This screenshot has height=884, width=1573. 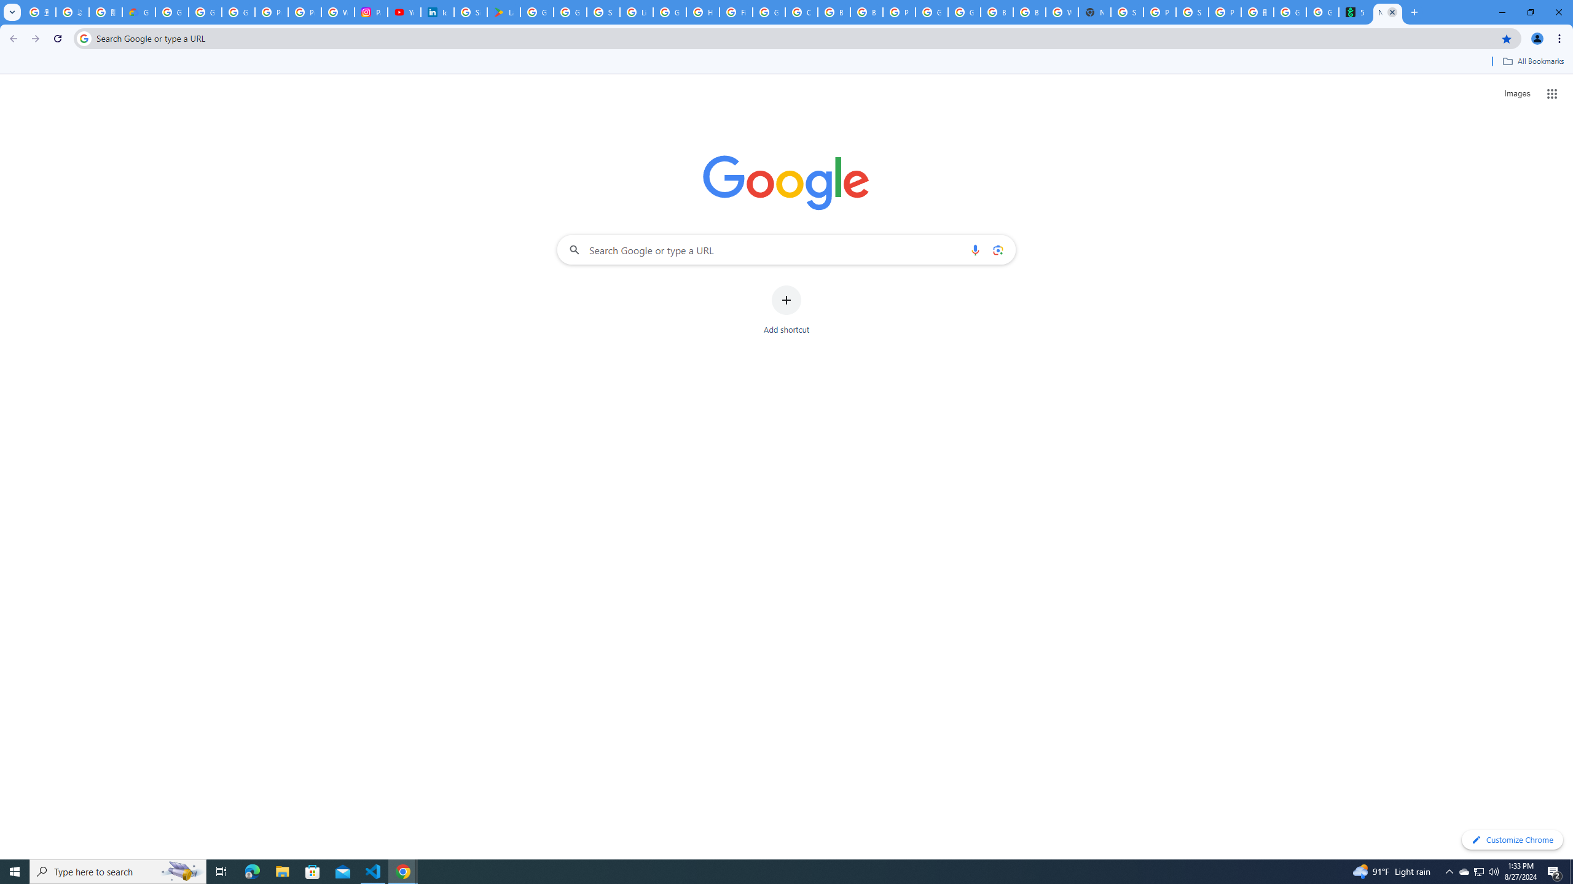 I want to click on 'Privacy Help Center - Policies Help', so click(x=271, y=12).